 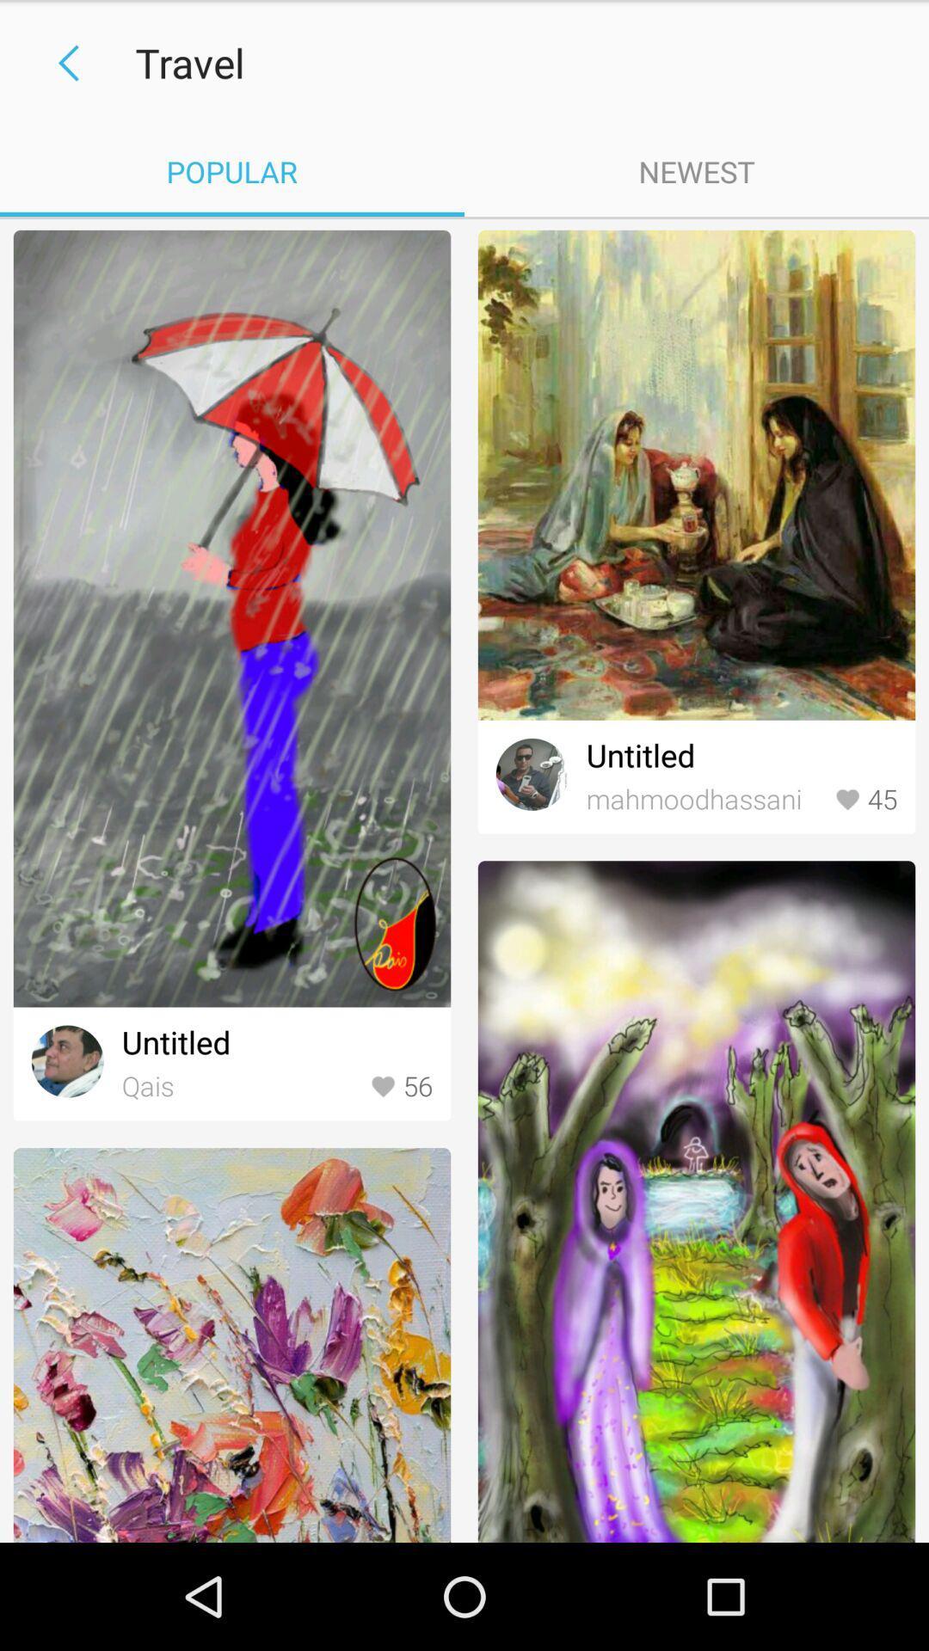 What do you see at coordinates (706, 799) in the screenshot?
I see `the item below untitled icon` at bounding box center [706, 799].